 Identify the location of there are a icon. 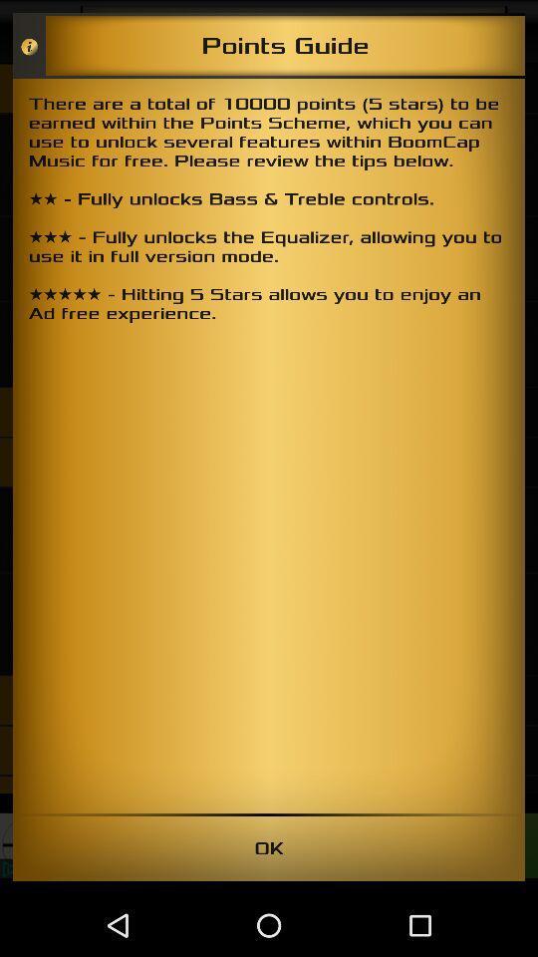
(269, 446).